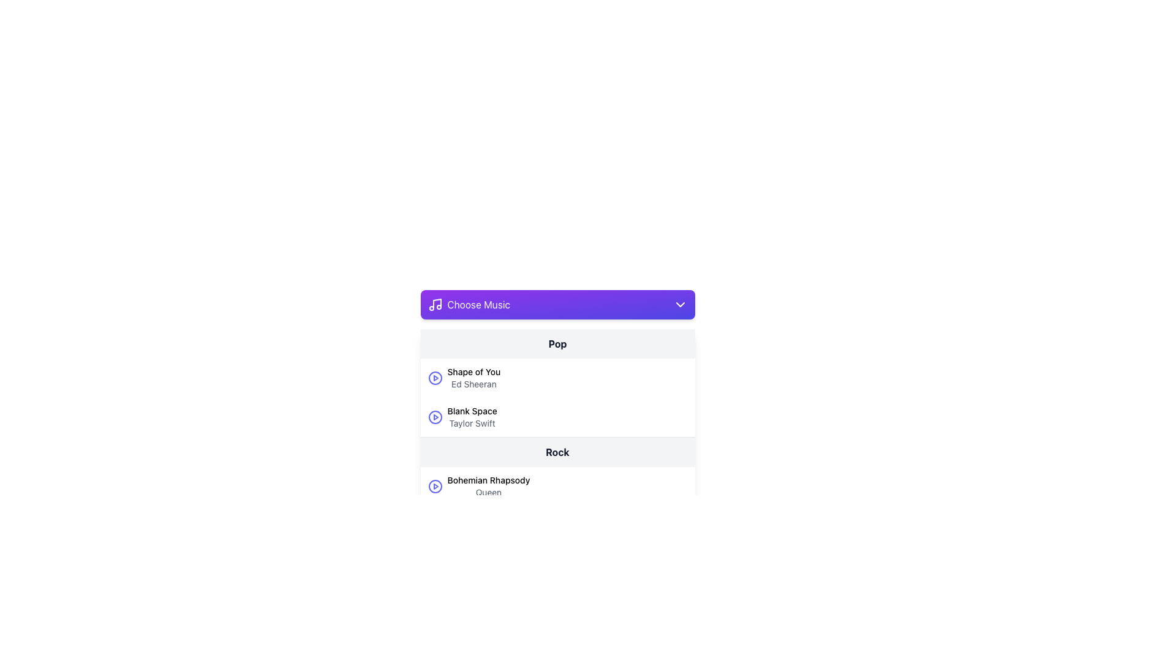 This screenshot has width=1176, height=661. Describe the element at coordinates (557, 344) in the screenshot. I see `the label element that contains the word 'Pop', which is displayed in bold dark text against a light gray background, positioned below the purple header 'Choose Music'` at that location.